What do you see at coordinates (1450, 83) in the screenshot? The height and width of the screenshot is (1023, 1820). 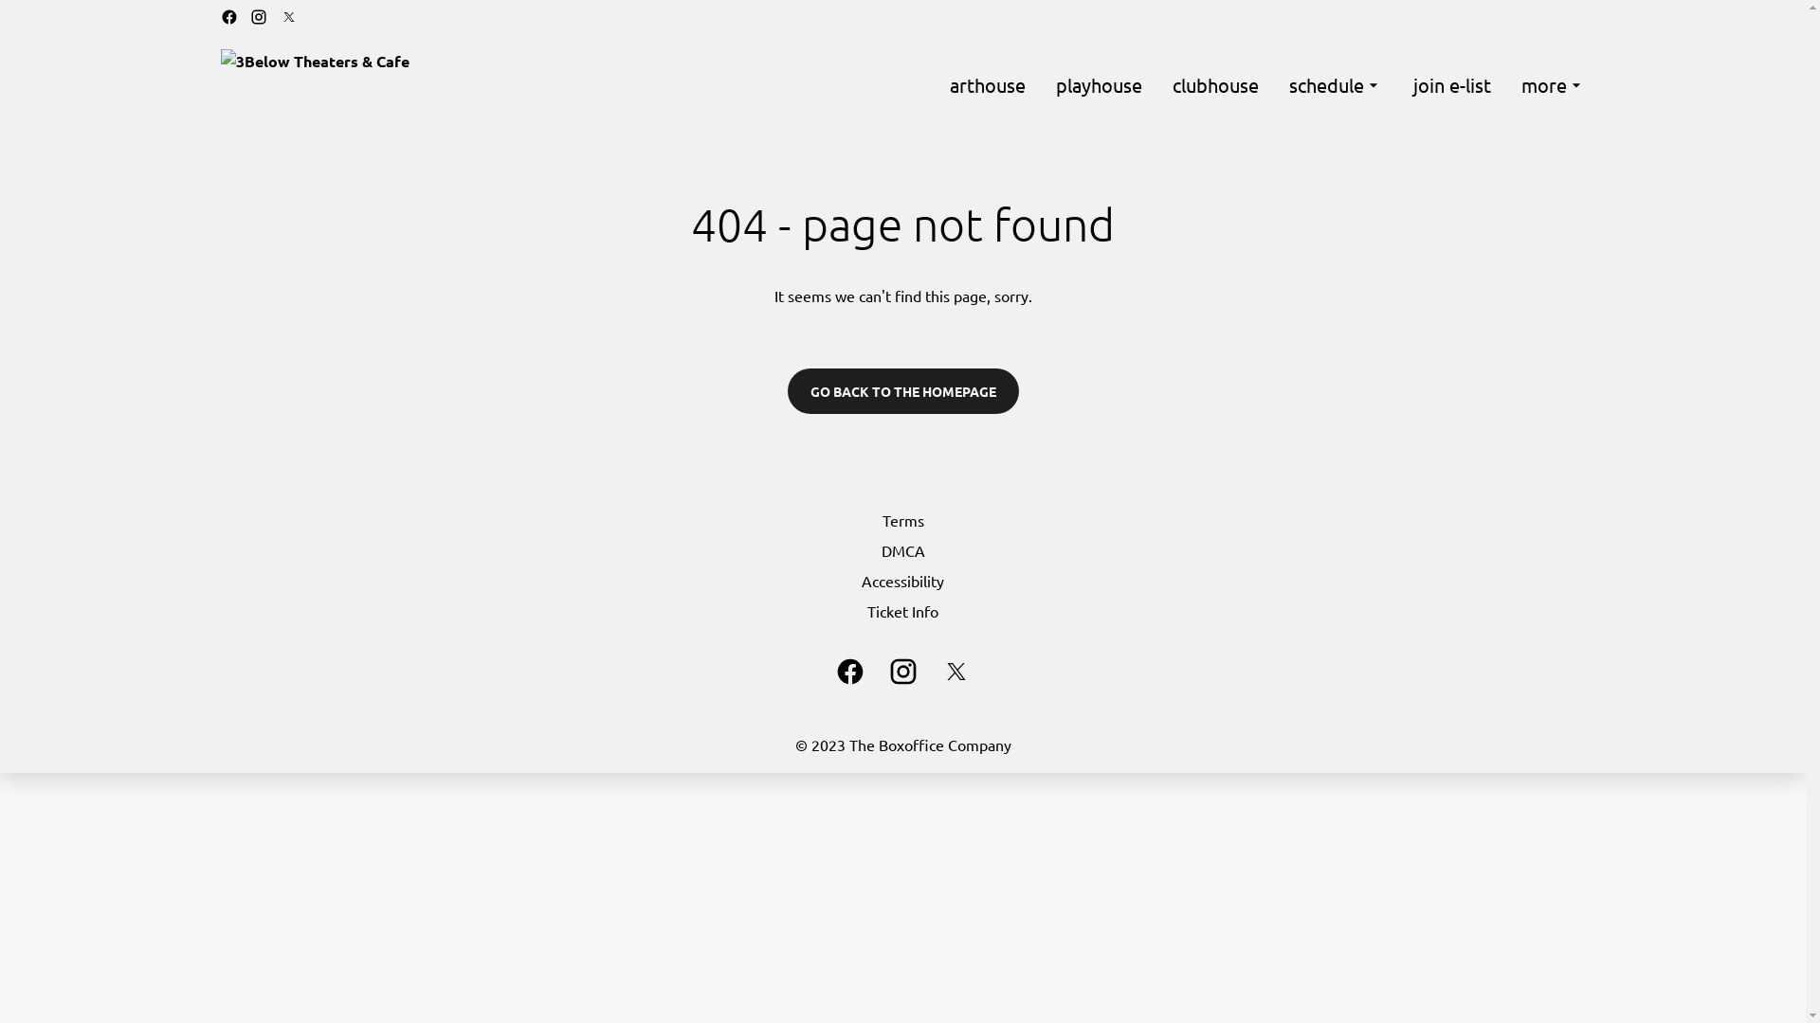 I see `'join e-list'` at bounding box center [1450, 83].